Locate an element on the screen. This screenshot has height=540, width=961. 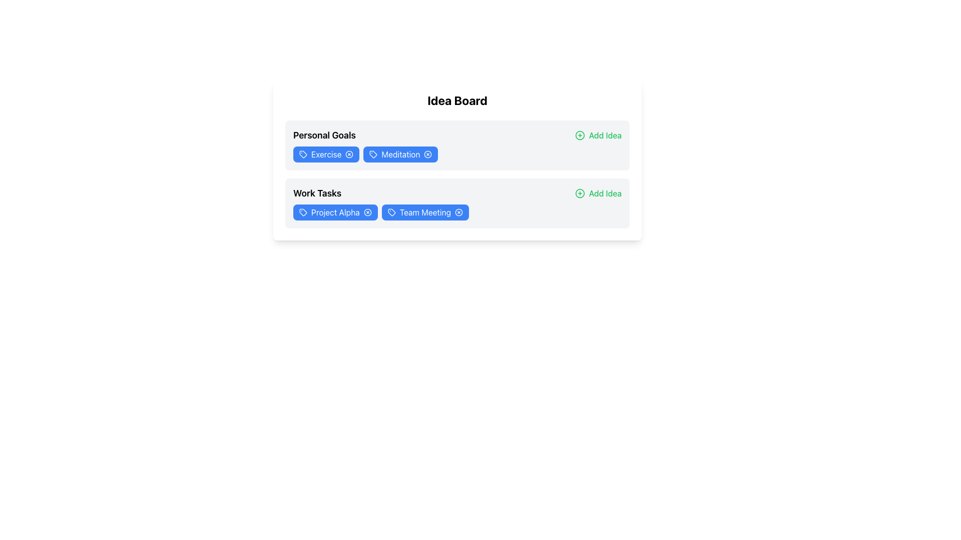
the 'Add Idea' button, which features green text and a circular plus sign icon, located to the right of the 'Work Tasks' section is located at coordinates (598, 193).